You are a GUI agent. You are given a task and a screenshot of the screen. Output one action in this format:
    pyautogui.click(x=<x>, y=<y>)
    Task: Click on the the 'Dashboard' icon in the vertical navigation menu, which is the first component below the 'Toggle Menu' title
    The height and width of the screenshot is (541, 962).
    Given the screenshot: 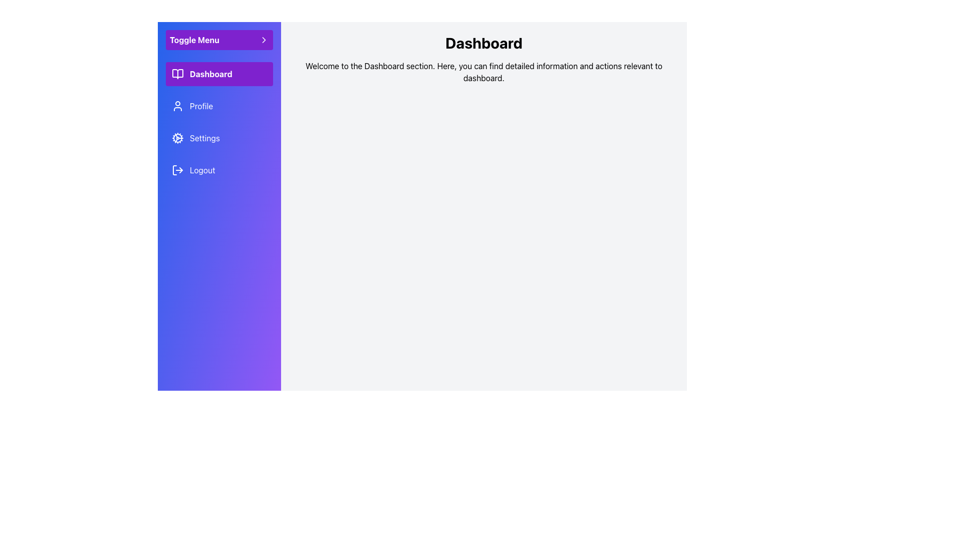 What is the action you would take?
    pyautogui.click(x=178, y=73)
    